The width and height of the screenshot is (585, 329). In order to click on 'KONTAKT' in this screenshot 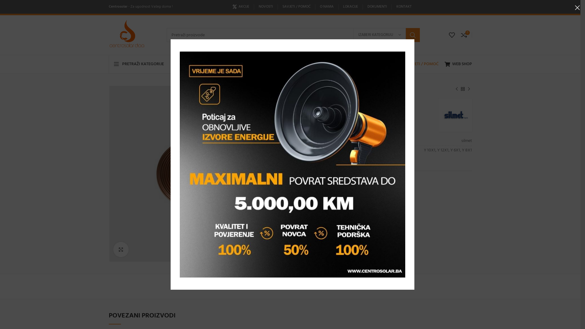, I will do `click(404, 7)`.